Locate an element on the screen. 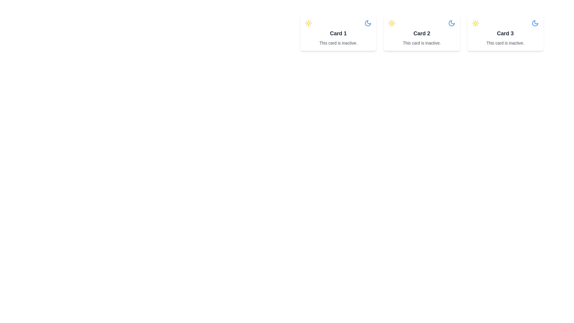 The width and height of the screenshot is (574, 323). label 'Card 3' which is centered in the third card on the rightmost side of a horizontally aligned group of three cards is located at coordinates (505, 33).